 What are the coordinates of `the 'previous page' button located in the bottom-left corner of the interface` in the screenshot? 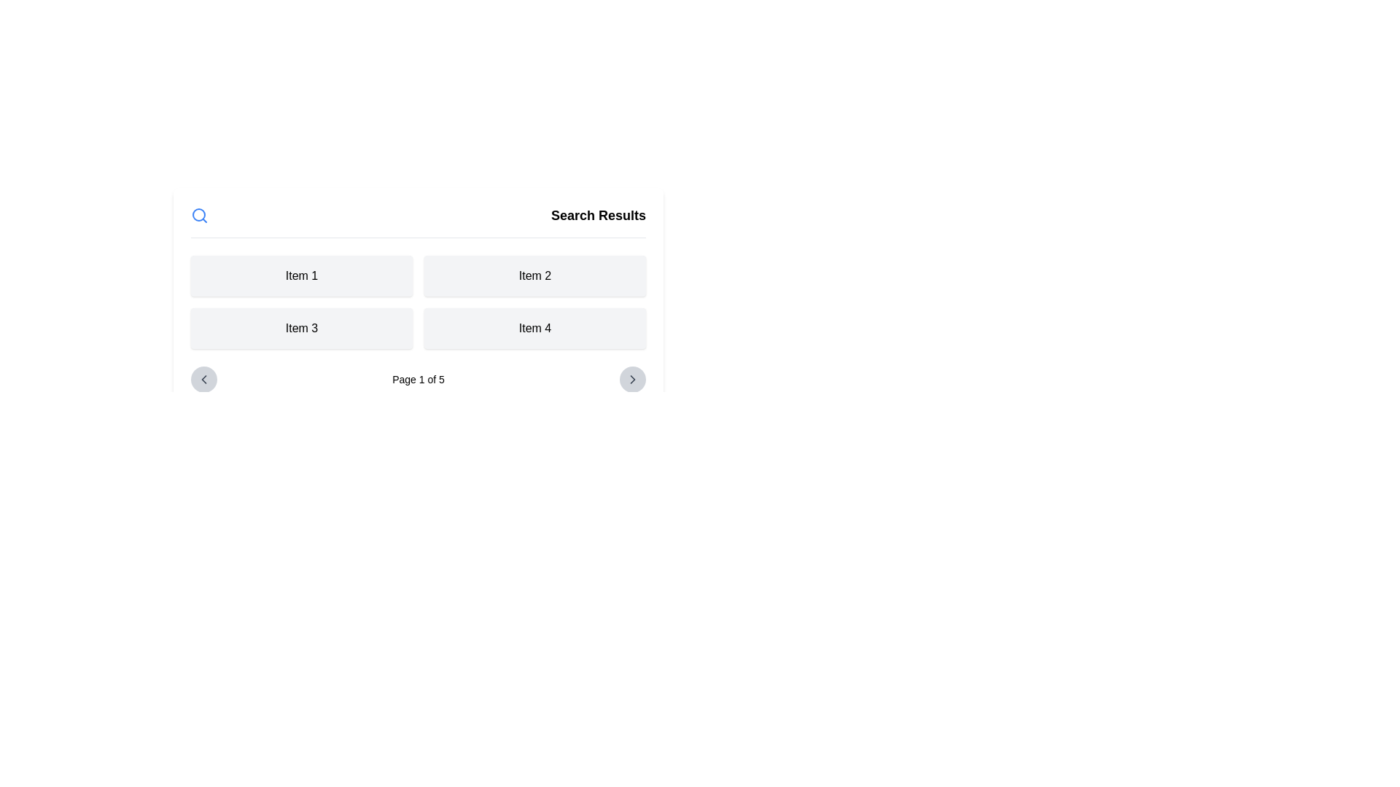 It's located at (203, 378).